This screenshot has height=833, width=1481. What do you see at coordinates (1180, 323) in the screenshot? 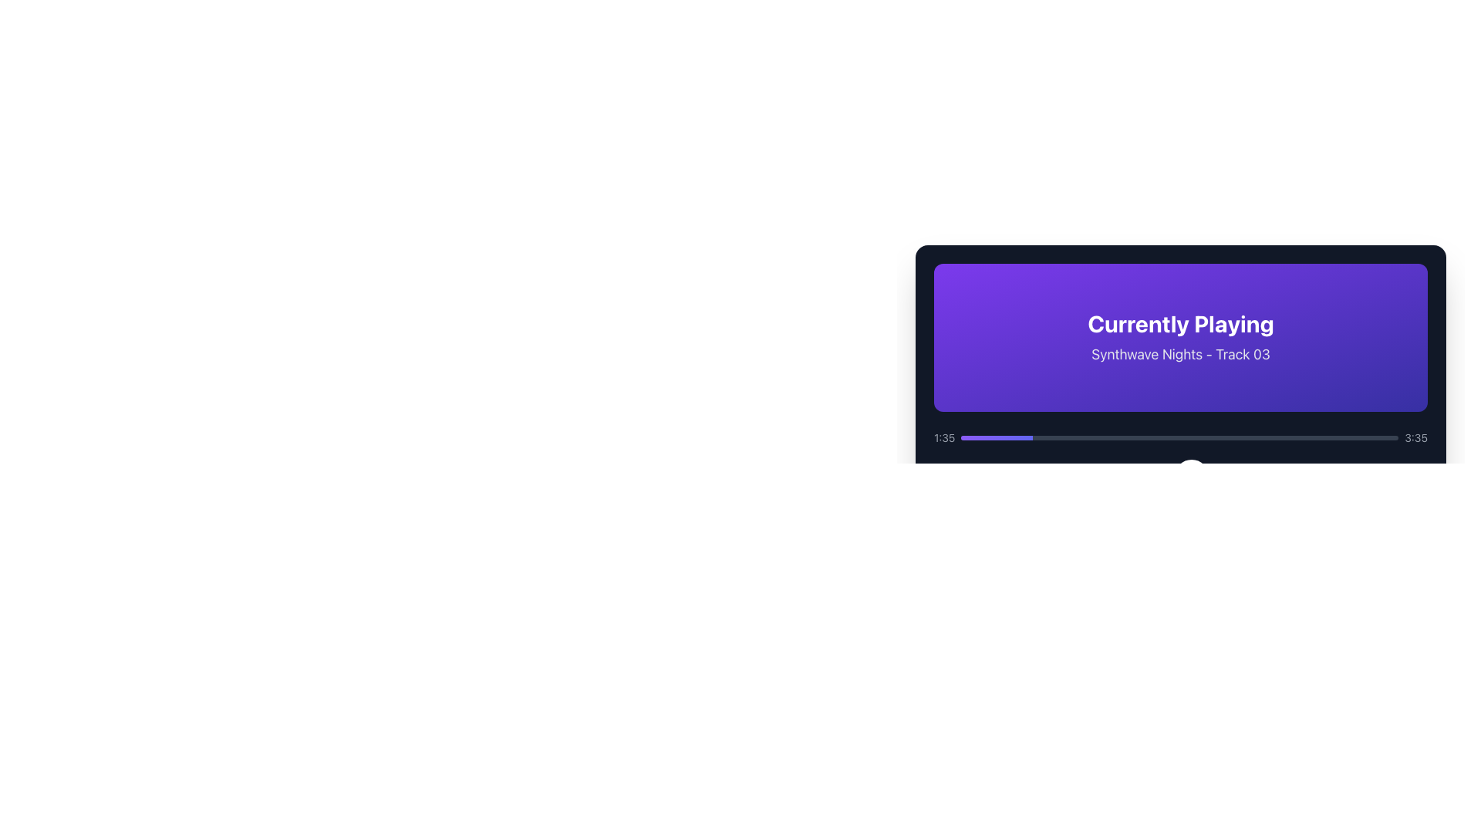
I see `the text label that reads 'Currently Playing', which is bold and prominently displayed in large white font against a purple background` at bounding box center [1180, 323].